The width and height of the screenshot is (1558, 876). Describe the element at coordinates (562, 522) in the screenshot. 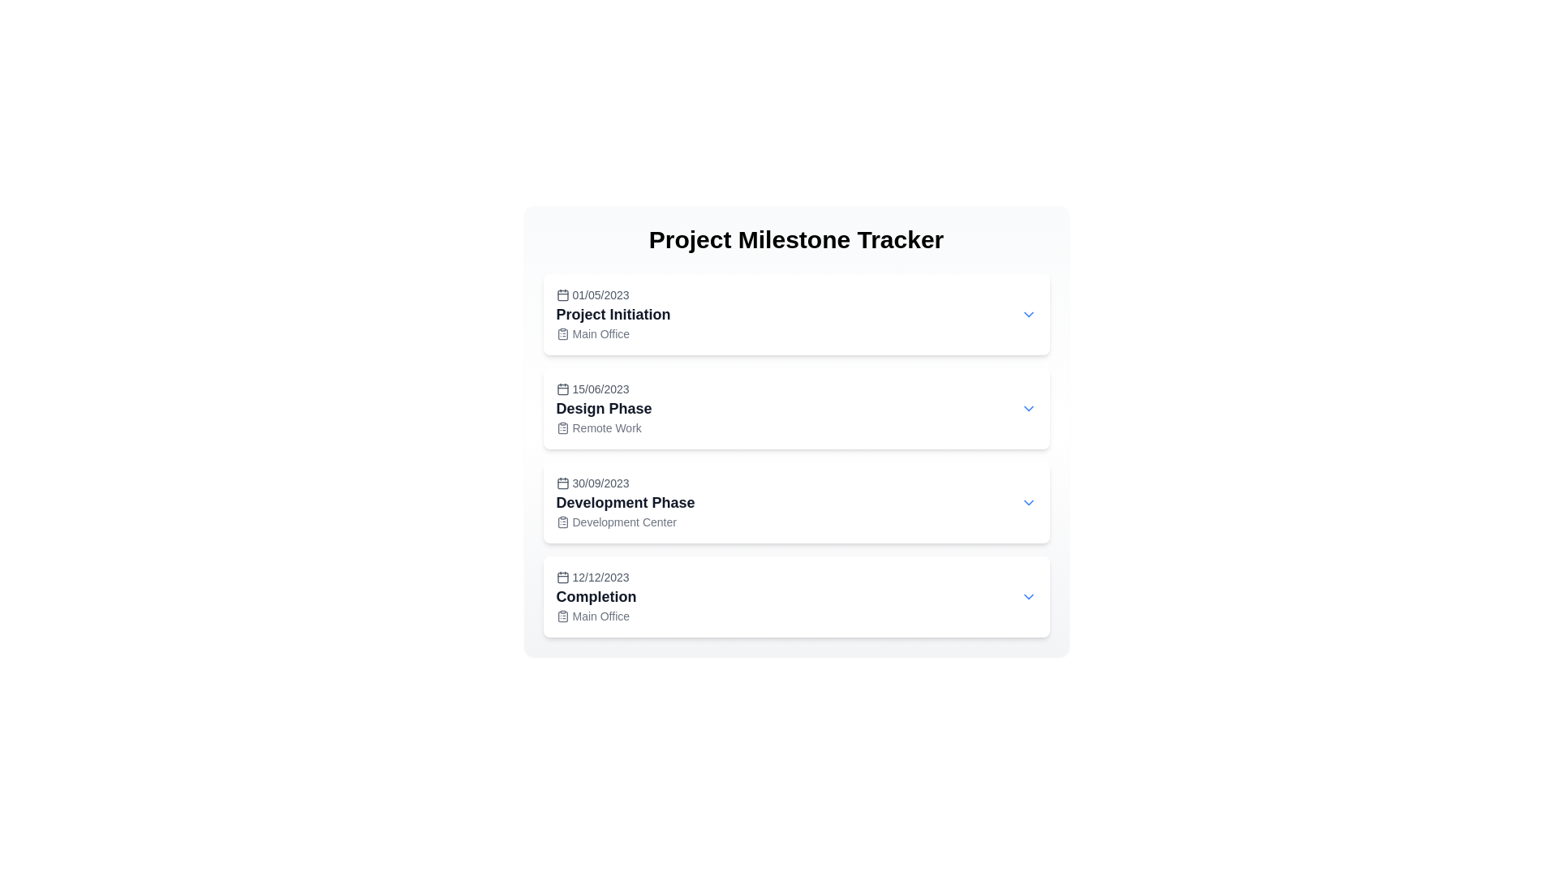

I see `the clipboard icon located within the 'Development Phase' milestone item, positioned slightly to the left of the milestone title` at that location.